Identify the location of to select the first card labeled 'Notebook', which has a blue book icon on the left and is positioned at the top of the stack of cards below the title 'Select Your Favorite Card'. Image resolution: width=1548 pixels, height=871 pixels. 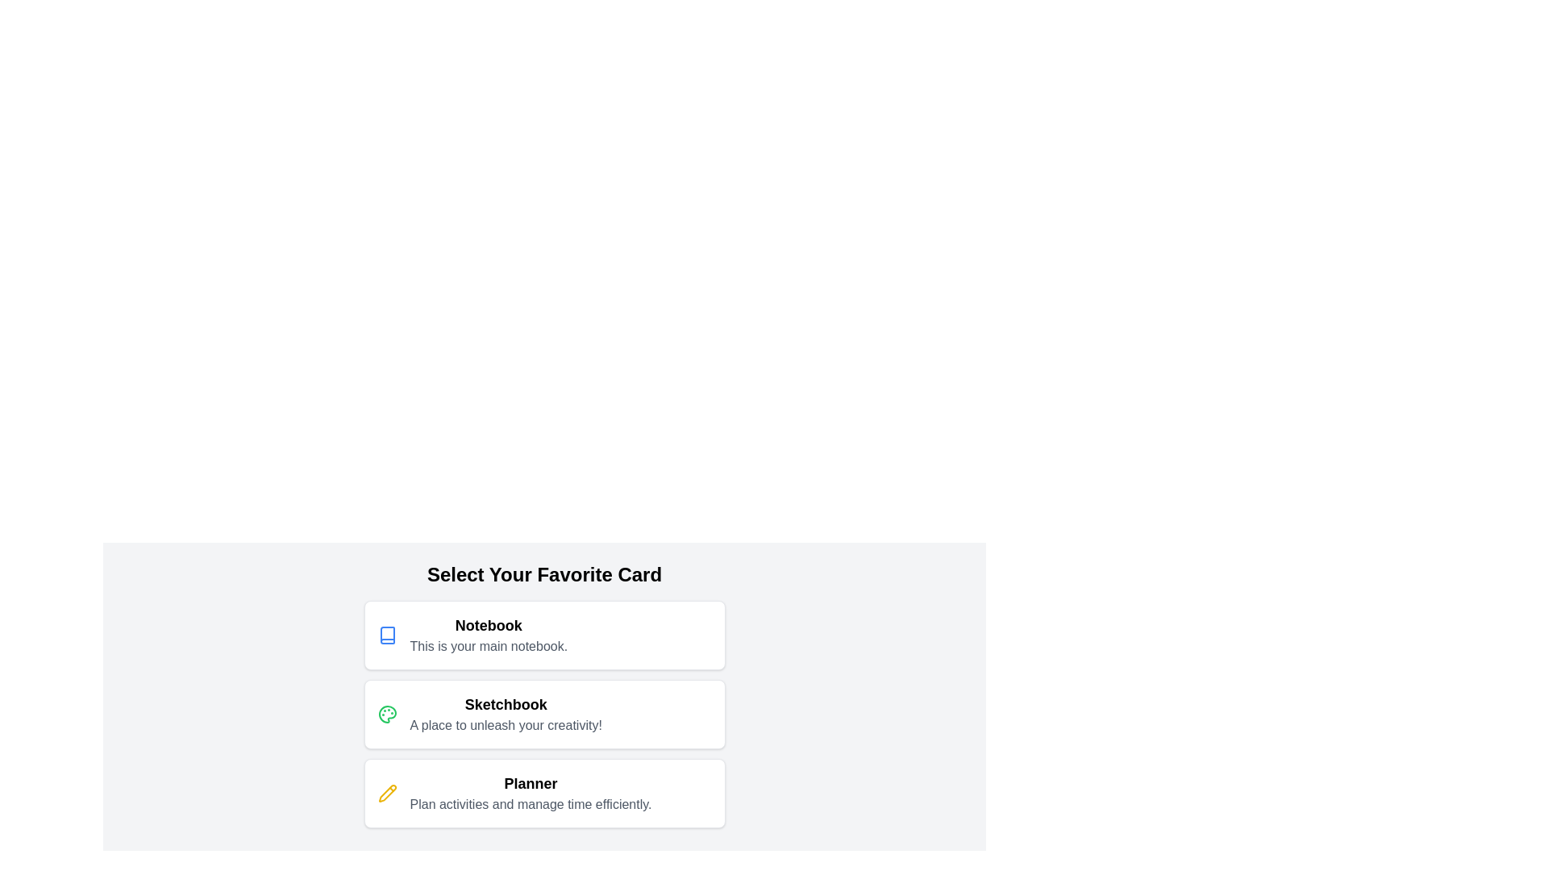
(544, 634).